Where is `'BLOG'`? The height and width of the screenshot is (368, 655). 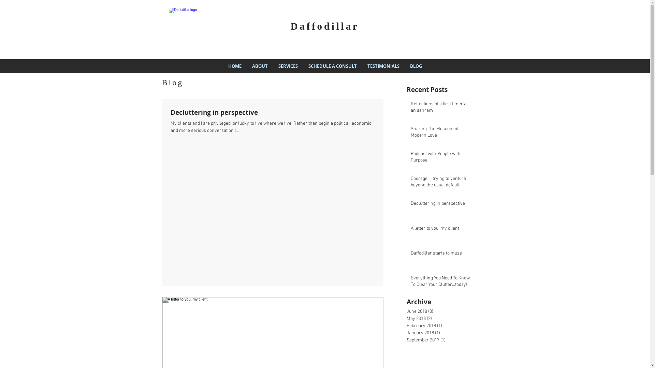 'BLOG' is located at coordinates (416, 66).